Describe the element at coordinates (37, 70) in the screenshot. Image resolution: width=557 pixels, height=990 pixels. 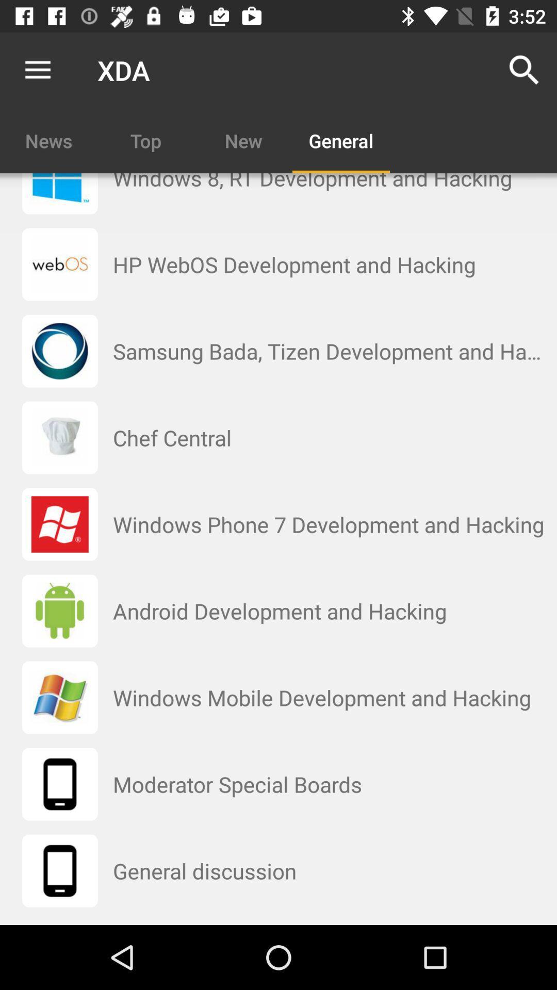
I see `the item to the left of the xda icon` at that location.